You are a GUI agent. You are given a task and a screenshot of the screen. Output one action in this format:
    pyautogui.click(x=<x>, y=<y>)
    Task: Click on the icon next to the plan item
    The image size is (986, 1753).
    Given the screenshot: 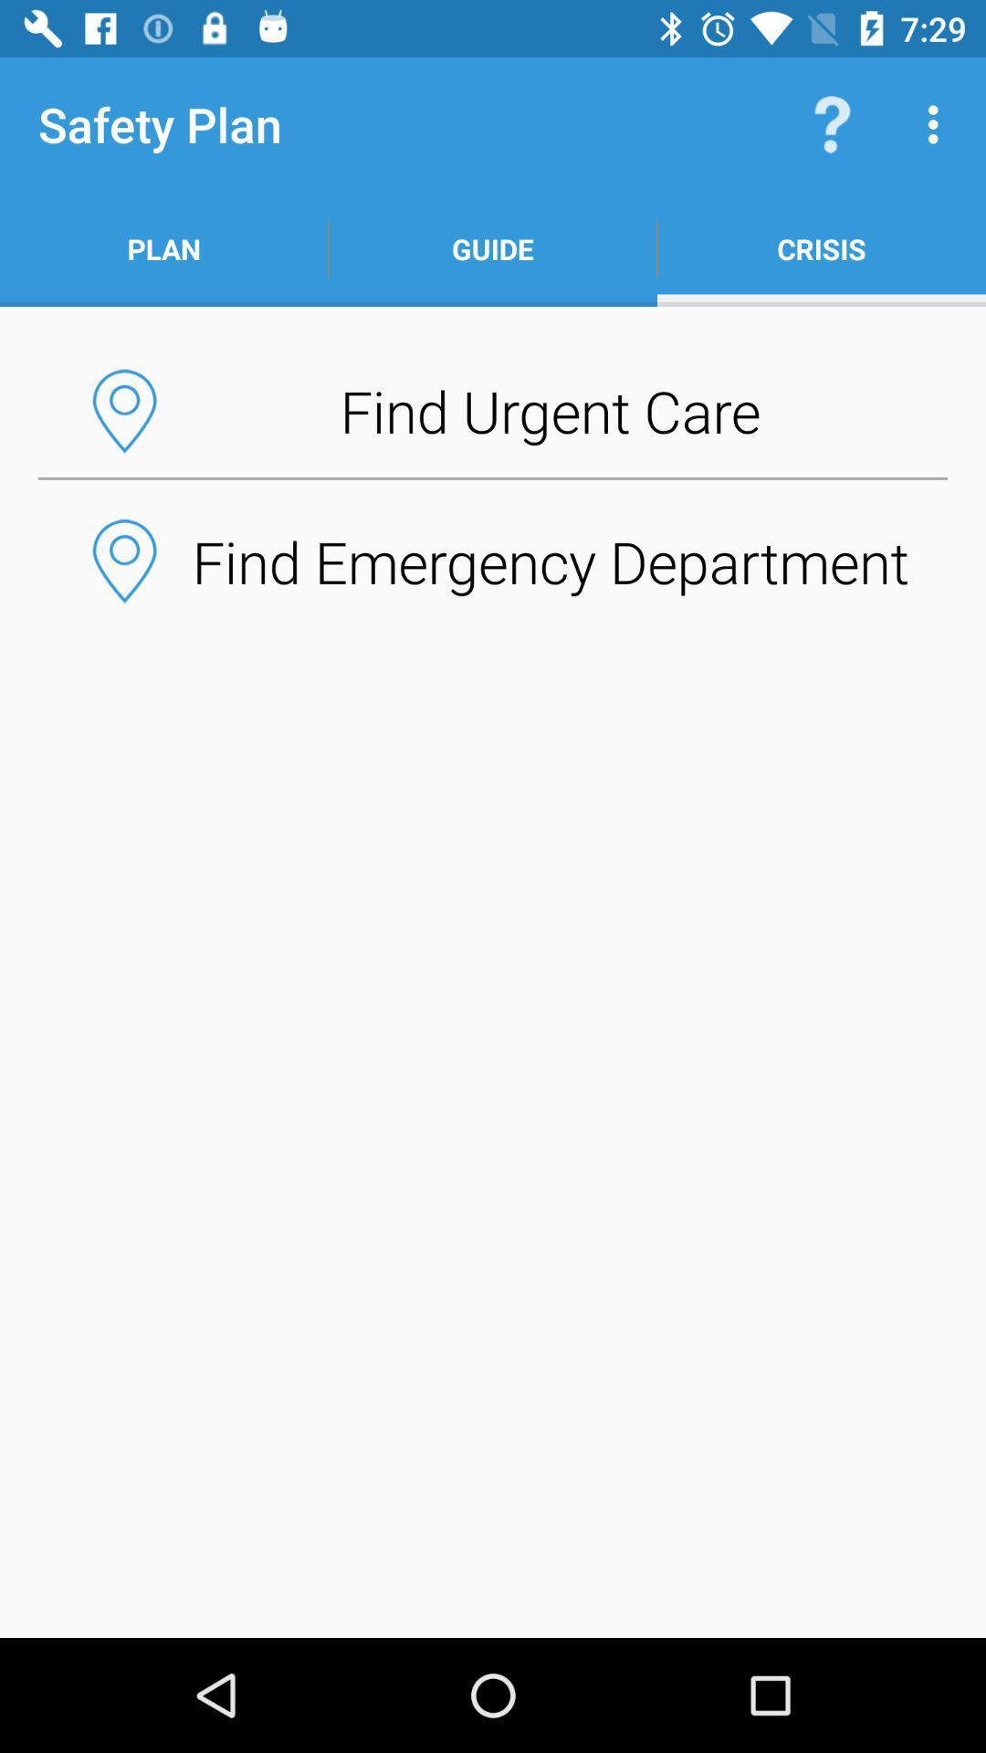 What is the action you would take?
    pyautogui.click(x=493, y=248)
    